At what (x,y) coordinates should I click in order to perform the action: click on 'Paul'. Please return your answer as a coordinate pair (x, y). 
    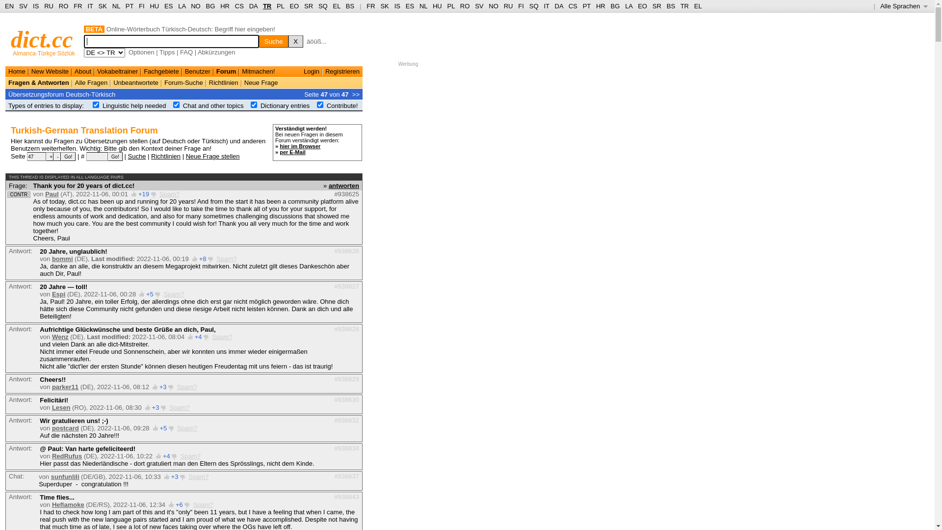
    Looking at the image, I should click on (51, 194).